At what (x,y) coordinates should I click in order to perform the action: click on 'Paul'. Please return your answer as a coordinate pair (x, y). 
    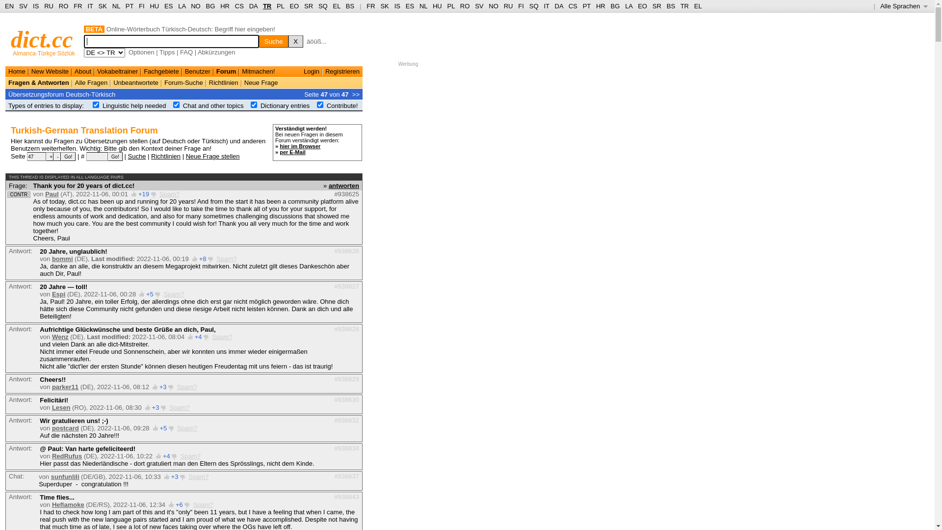
    Looking at the image, I should click on (51, 194).